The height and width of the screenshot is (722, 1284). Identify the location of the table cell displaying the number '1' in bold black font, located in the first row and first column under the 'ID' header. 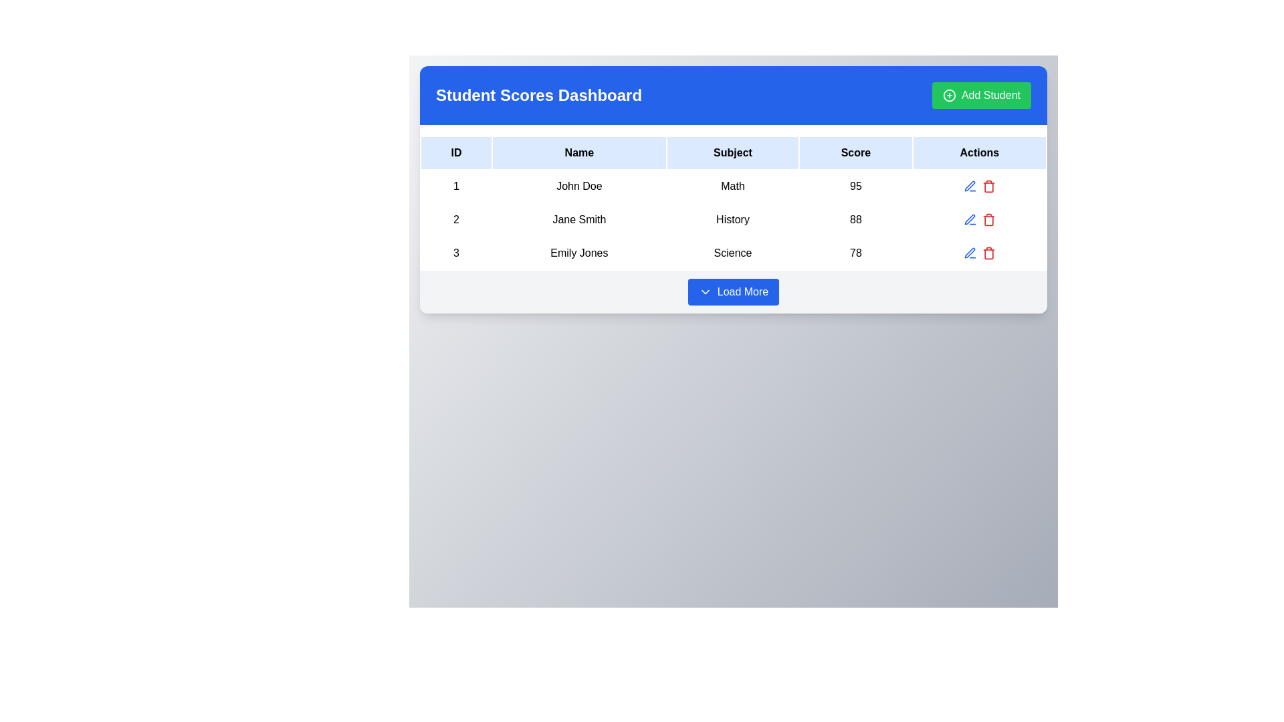
(456, 186).